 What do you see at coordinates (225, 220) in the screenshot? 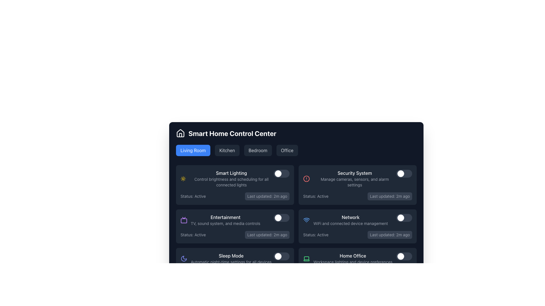
I see `the 'Entertainment' text label which displays 'Entertainment' in bold white font and 'TV, sound system, and media controls' in smaller gray font, located in the second row, first column of the grid layout` at bounding box center [225, 220].